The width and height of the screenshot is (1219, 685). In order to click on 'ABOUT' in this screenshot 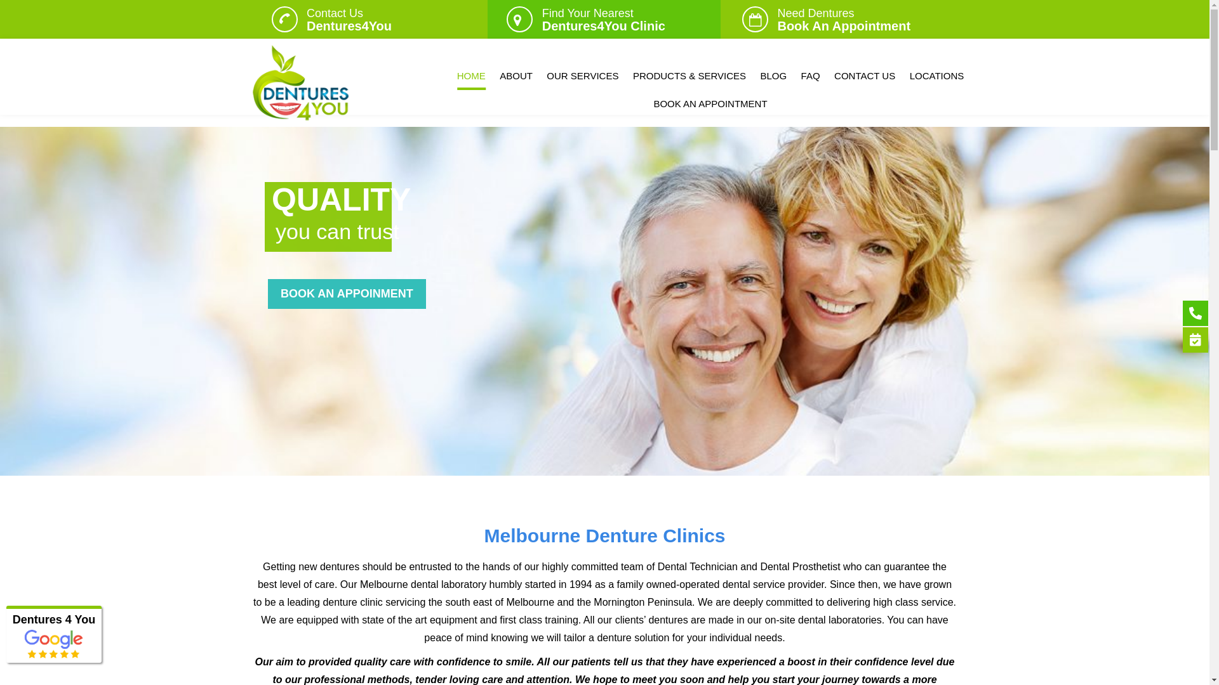, I will do `click(516, 75)`.